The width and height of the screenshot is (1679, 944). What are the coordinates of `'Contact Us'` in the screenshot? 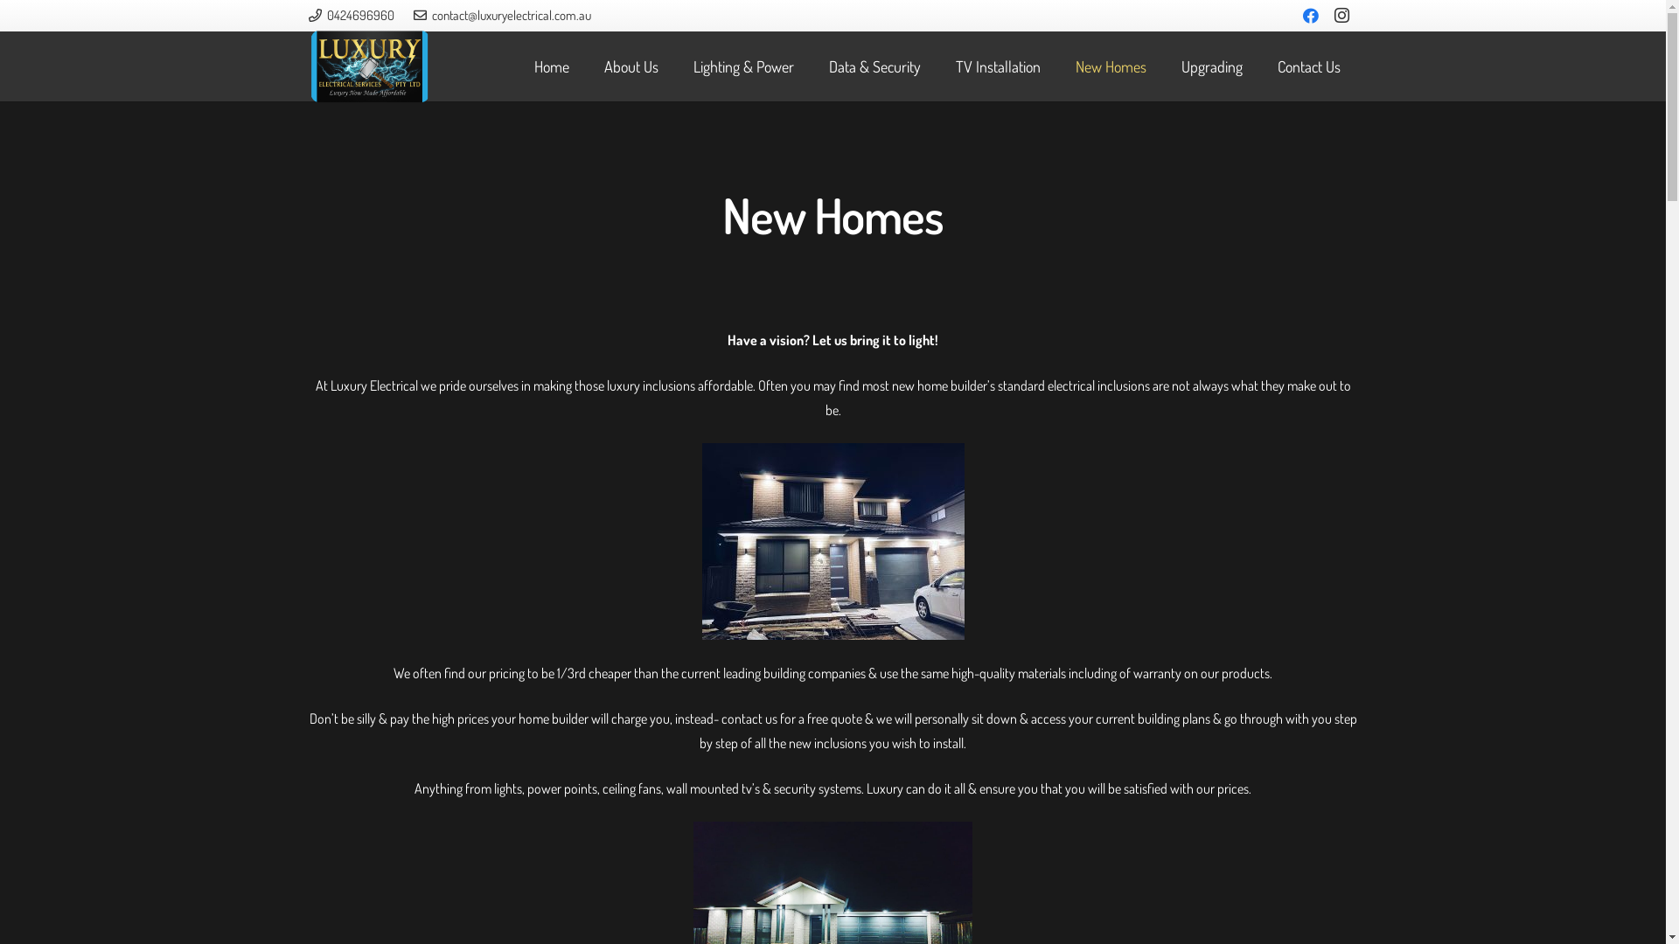 It's located at (1309, 66).